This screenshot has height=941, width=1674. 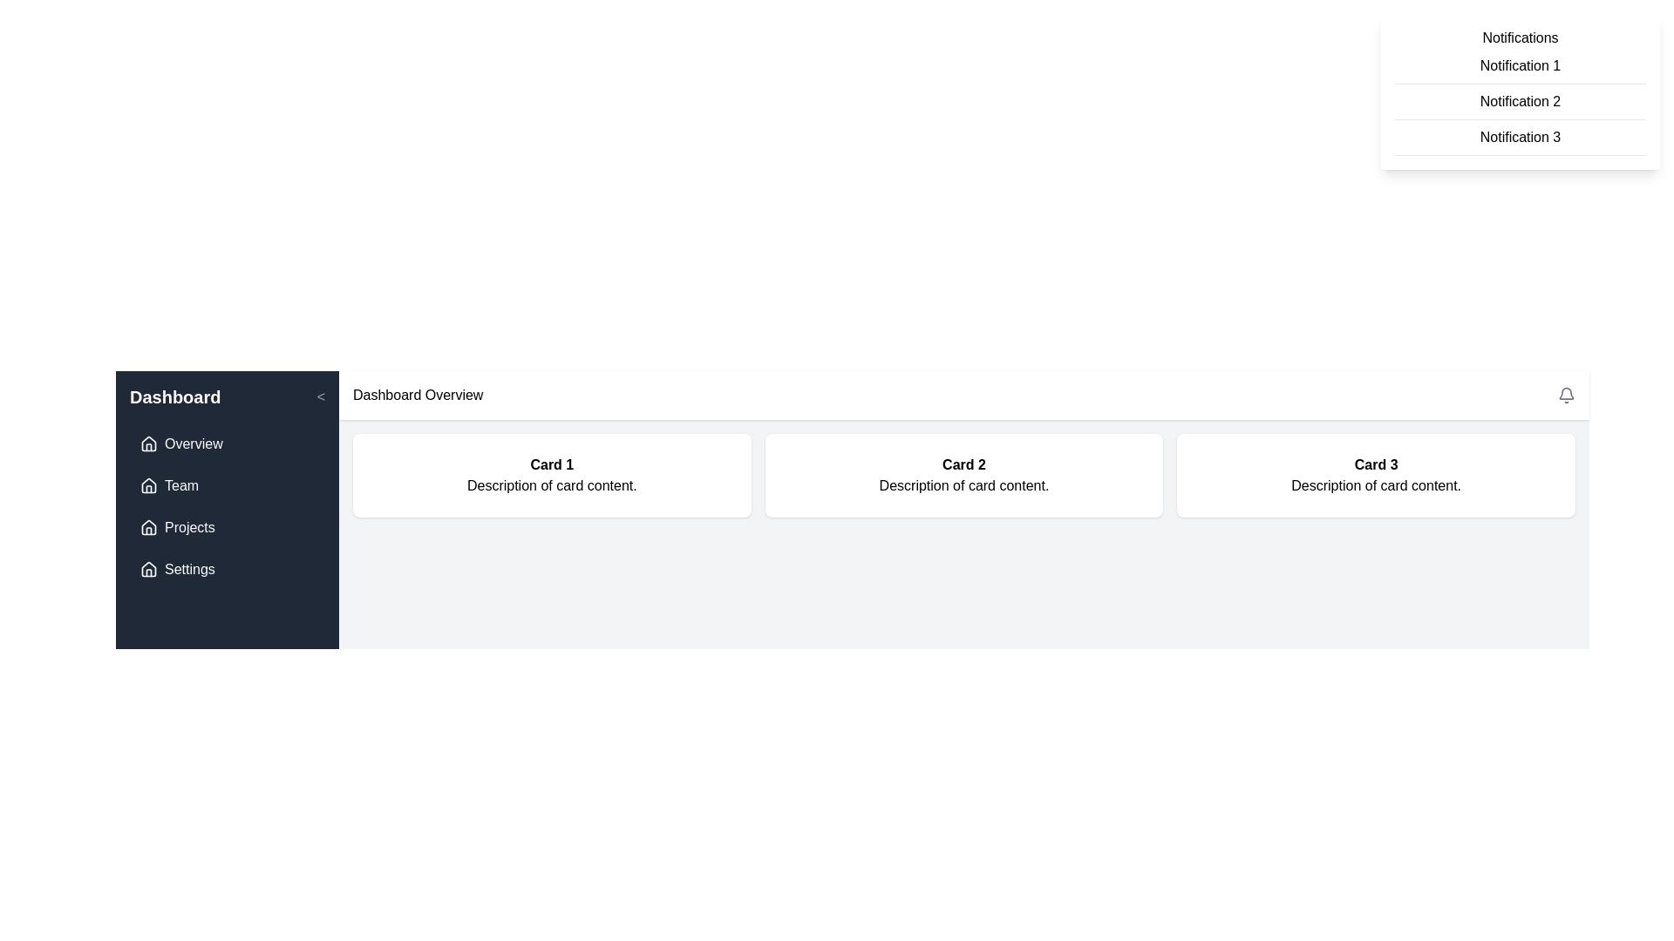 I want to click on the static text label that displays 'Dashboard Overview', which is prominently positioned in bold font within the header bar, aligned to the left, so click(x=417, y=396).